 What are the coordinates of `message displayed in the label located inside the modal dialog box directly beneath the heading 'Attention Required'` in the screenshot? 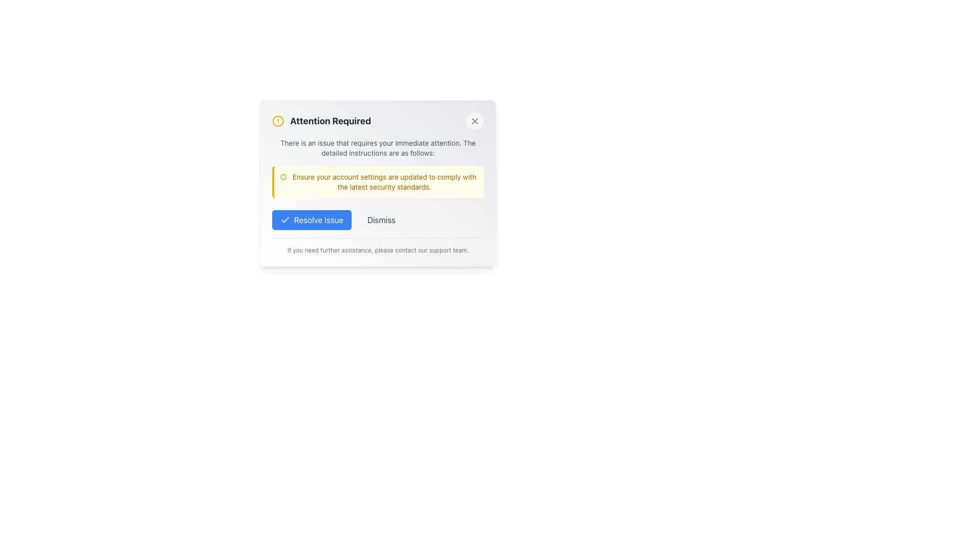 It's located at (378, 148).